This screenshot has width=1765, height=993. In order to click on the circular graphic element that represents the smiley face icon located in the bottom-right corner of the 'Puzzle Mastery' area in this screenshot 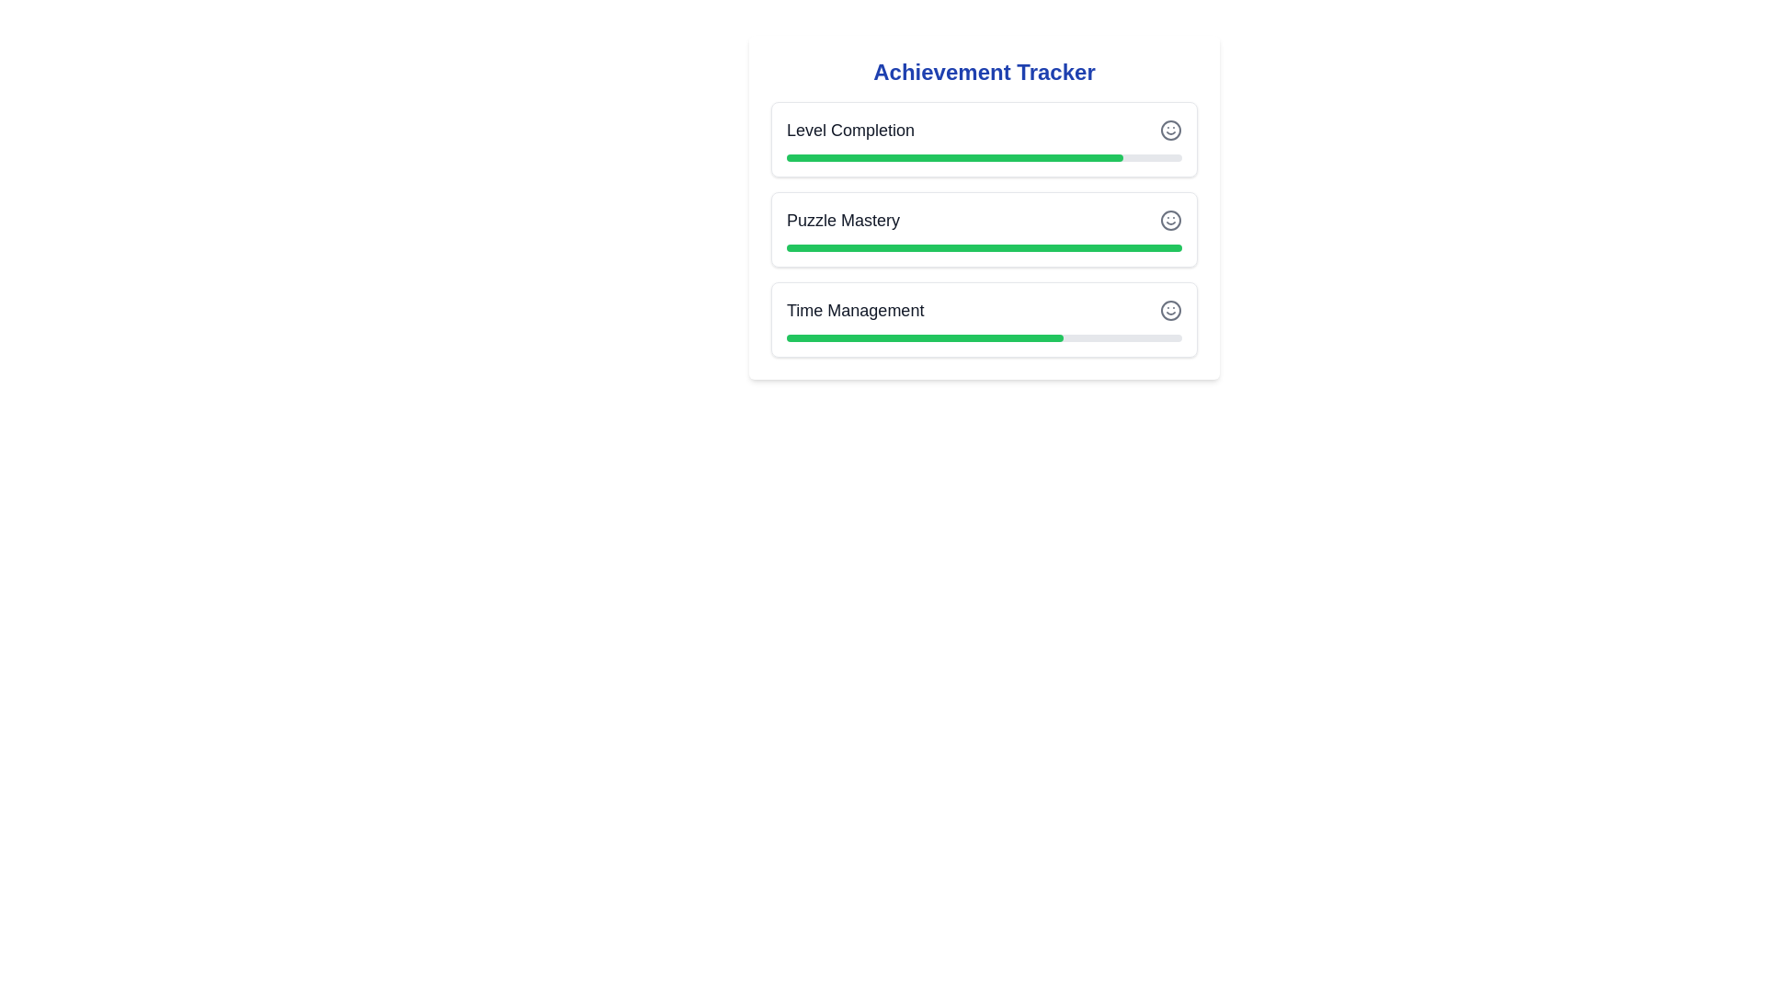, I will do `click(1169, 219)`.